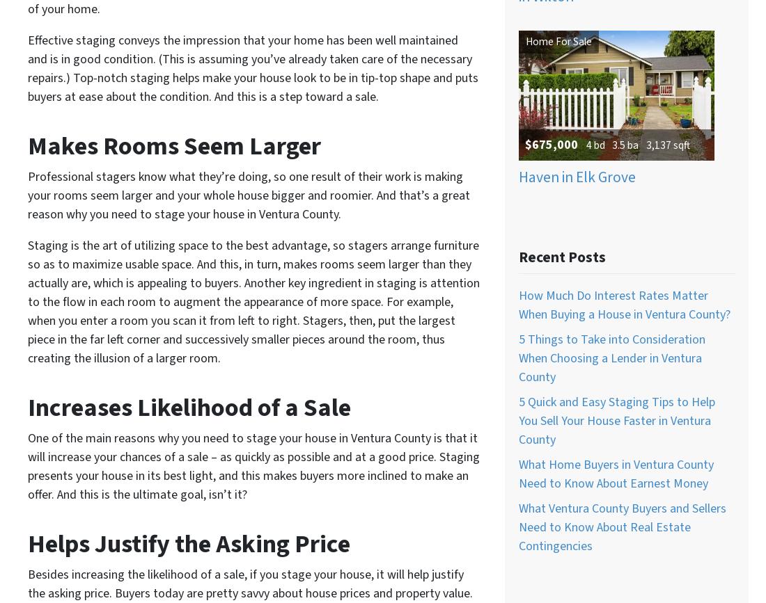  What do you see at coordinates (469, 15) in the screenshot?
I see `'805-232-8503'` at bounding box center [469, 15].